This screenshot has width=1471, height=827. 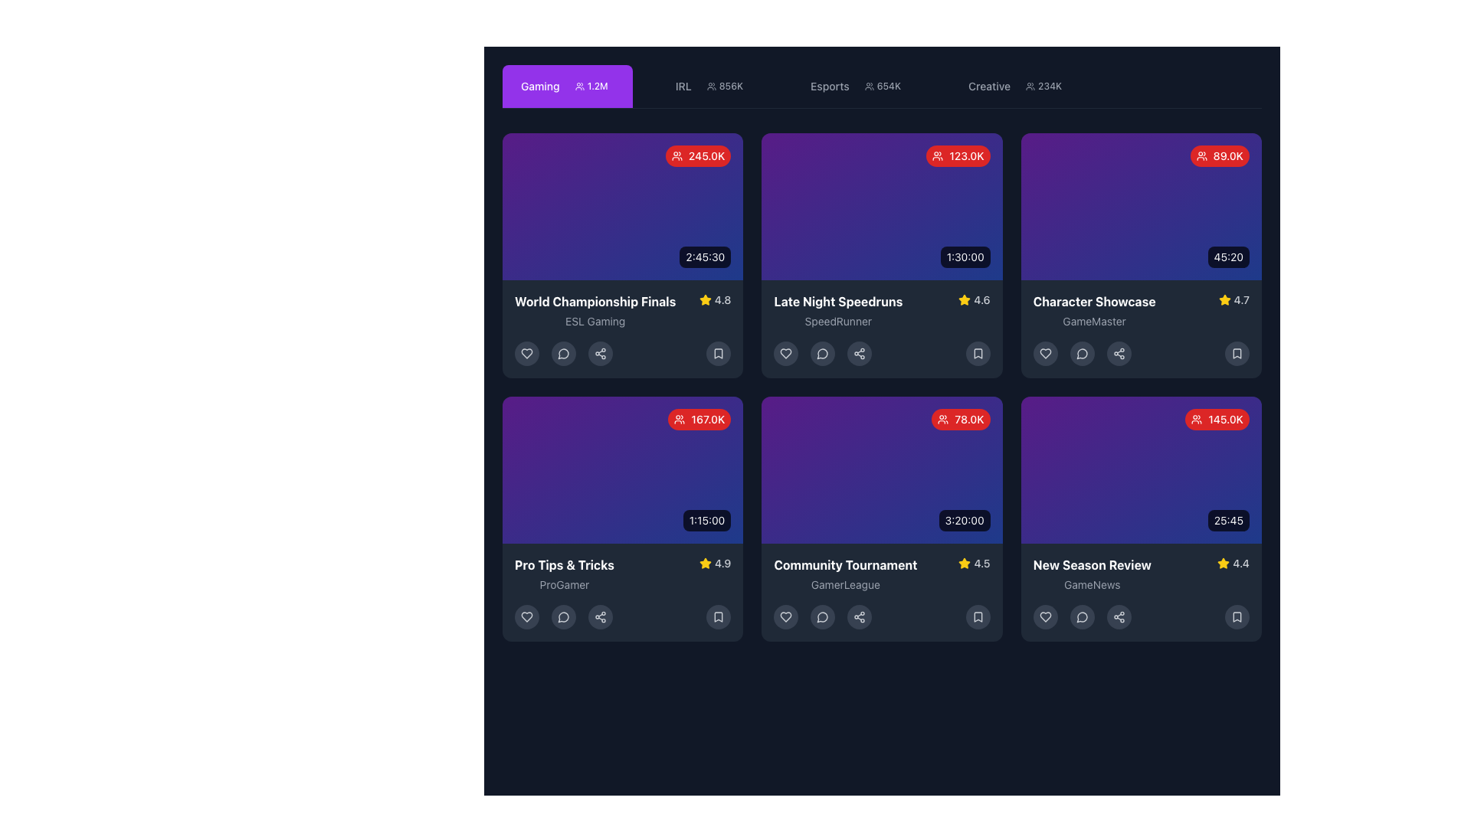 I want to click on the third interactive button in the bottom row of icons within the 'Character Showcase' card, so click(x=1081, y=354).